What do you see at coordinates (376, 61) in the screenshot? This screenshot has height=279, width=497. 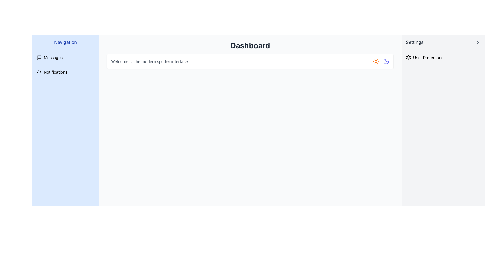 I see `the orange sun icon located in the settings toolbar, which is the first icon in a horizontal group of icons at the top-right of the main content area` at bounding box center [376, 61].